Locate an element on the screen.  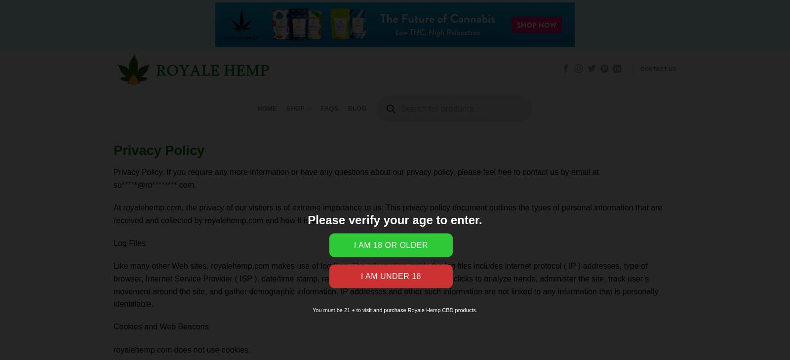
'su*****@ro********.com' is located at coordinates (154, 184).